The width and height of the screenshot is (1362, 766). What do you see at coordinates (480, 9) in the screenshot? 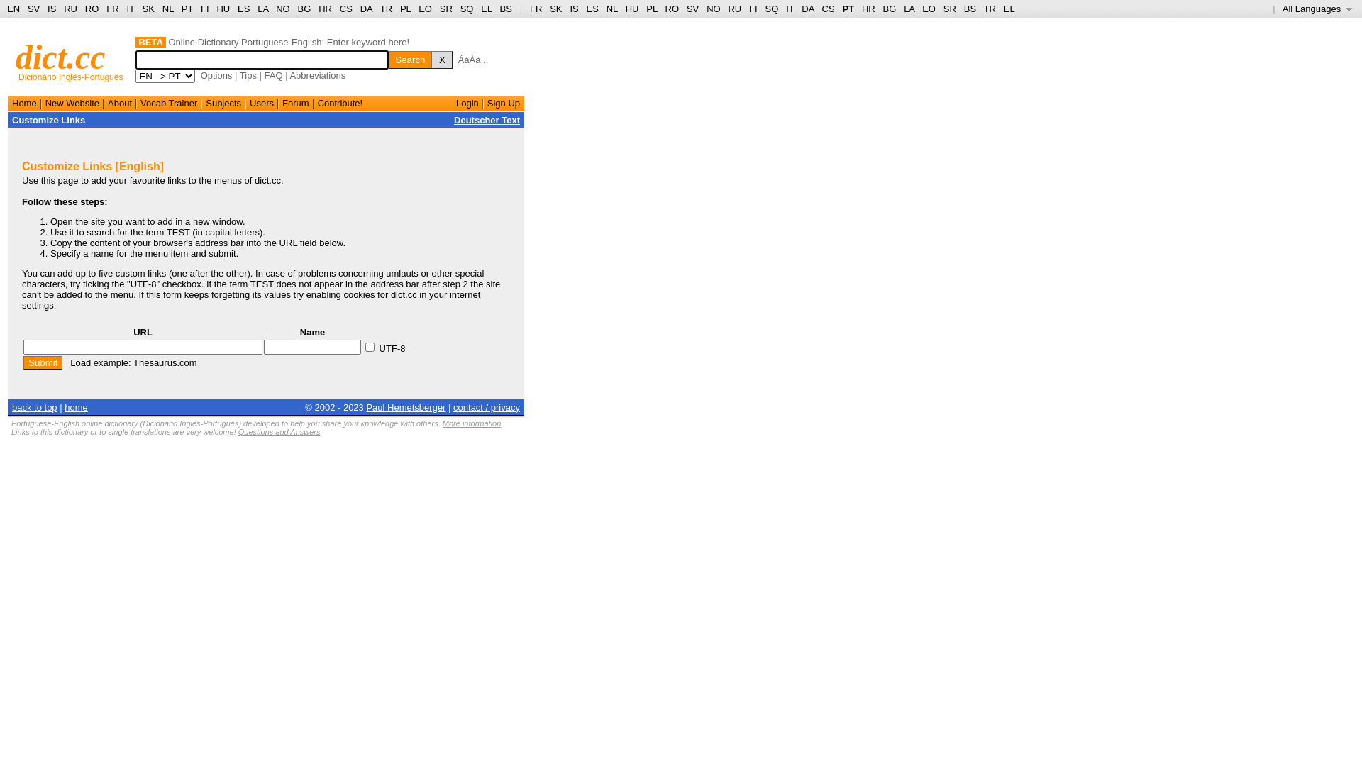
I see `'EL'` at bounding box center [480, 9].